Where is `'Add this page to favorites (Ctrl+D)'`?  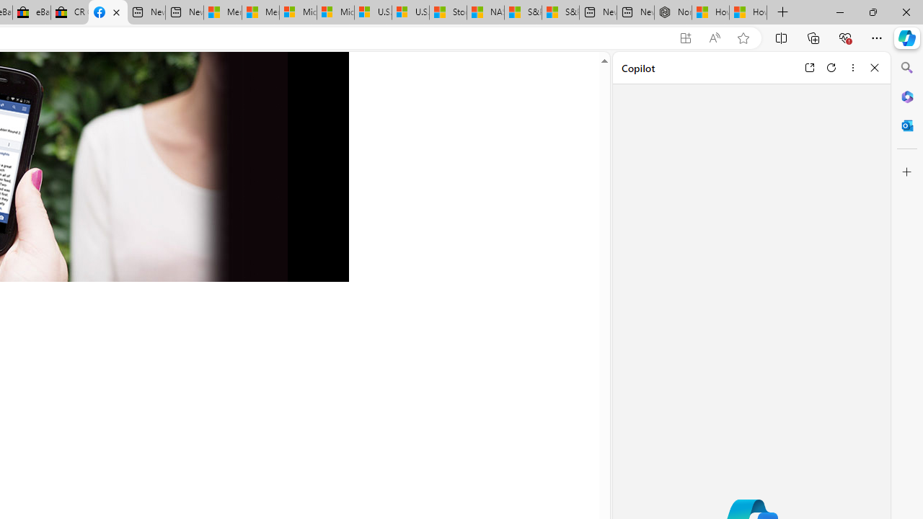 'Add this page to favorites (Ctrl+D)' is located at coordinates (743, 37).